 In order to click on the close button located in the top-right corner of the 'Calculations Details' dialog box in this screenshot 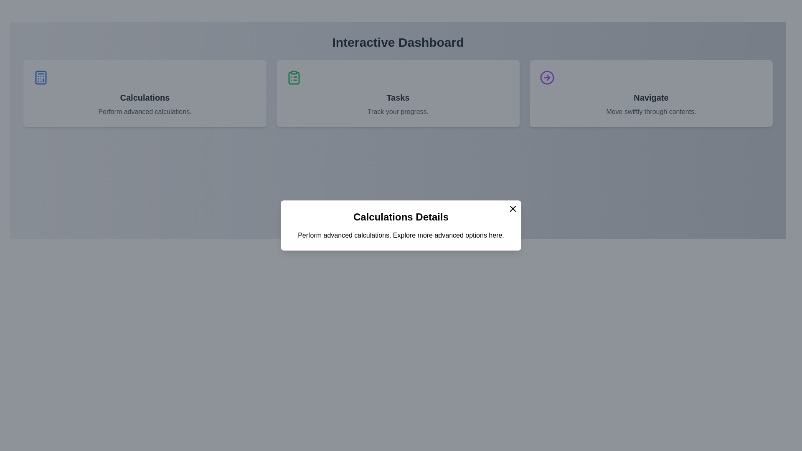, I will do `click(513, 208)`.